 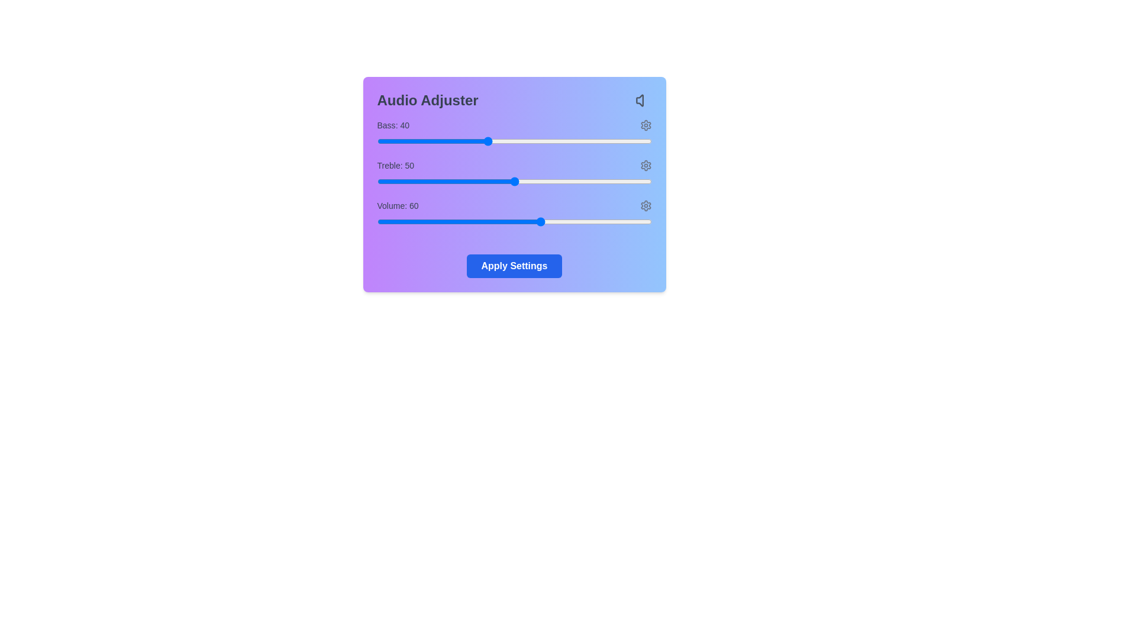 I want to click on the volume, so click(x=634, y=221).